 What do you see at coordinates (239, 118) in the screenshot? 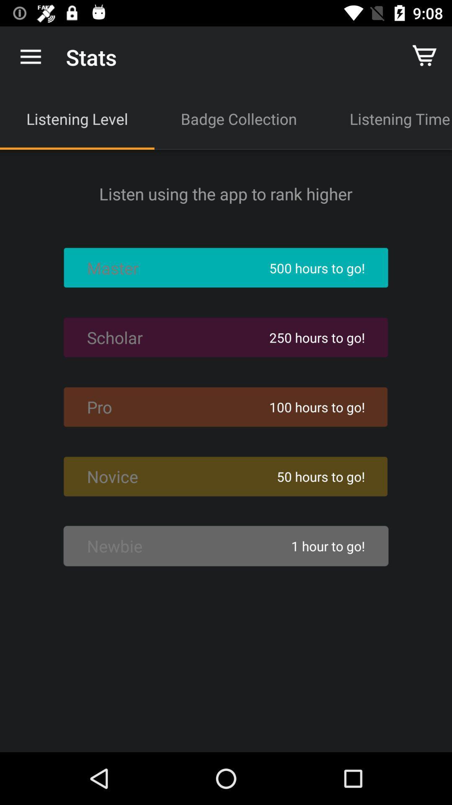
I see `the icon to the left of the listening time item` at bounding box center [239, 118].